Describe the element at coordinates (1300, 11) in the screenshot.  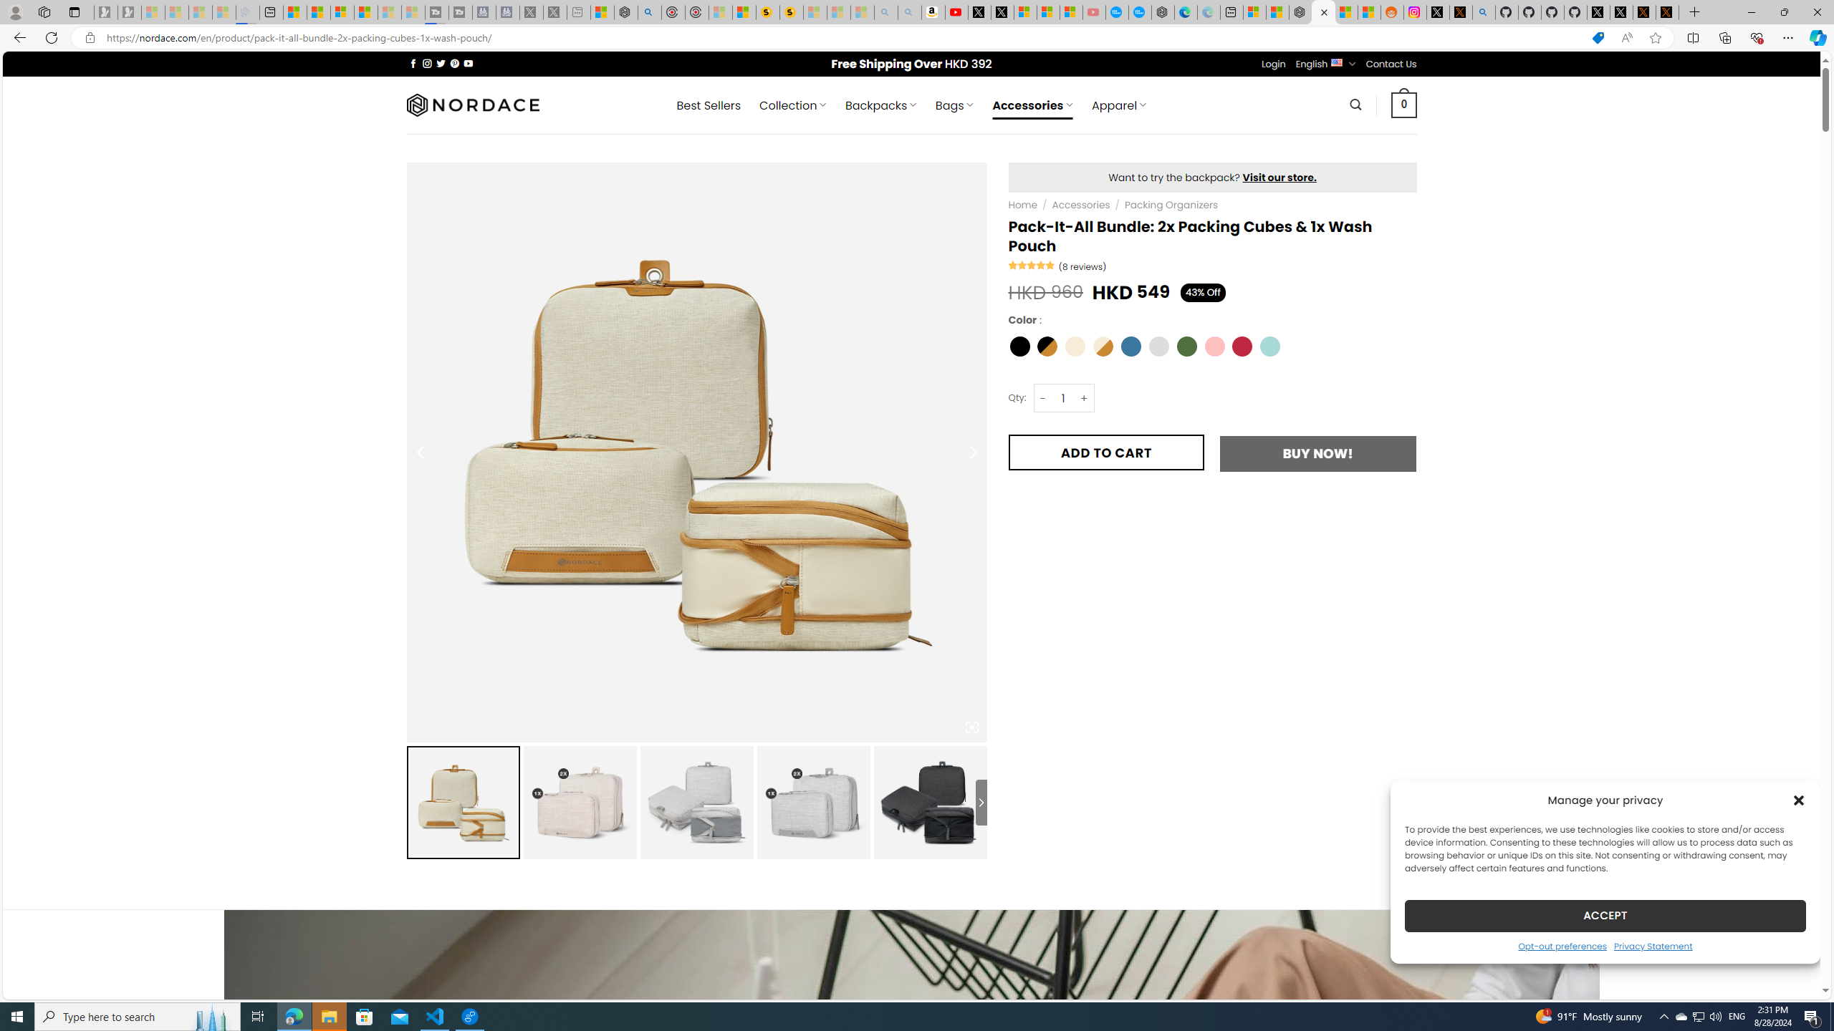
I see `'Nordace - Best Sellers'` at that location.